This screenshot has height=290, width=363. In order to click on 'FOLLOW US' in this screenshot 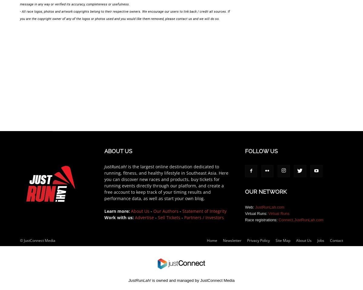, I will do `click(245, 150)`.